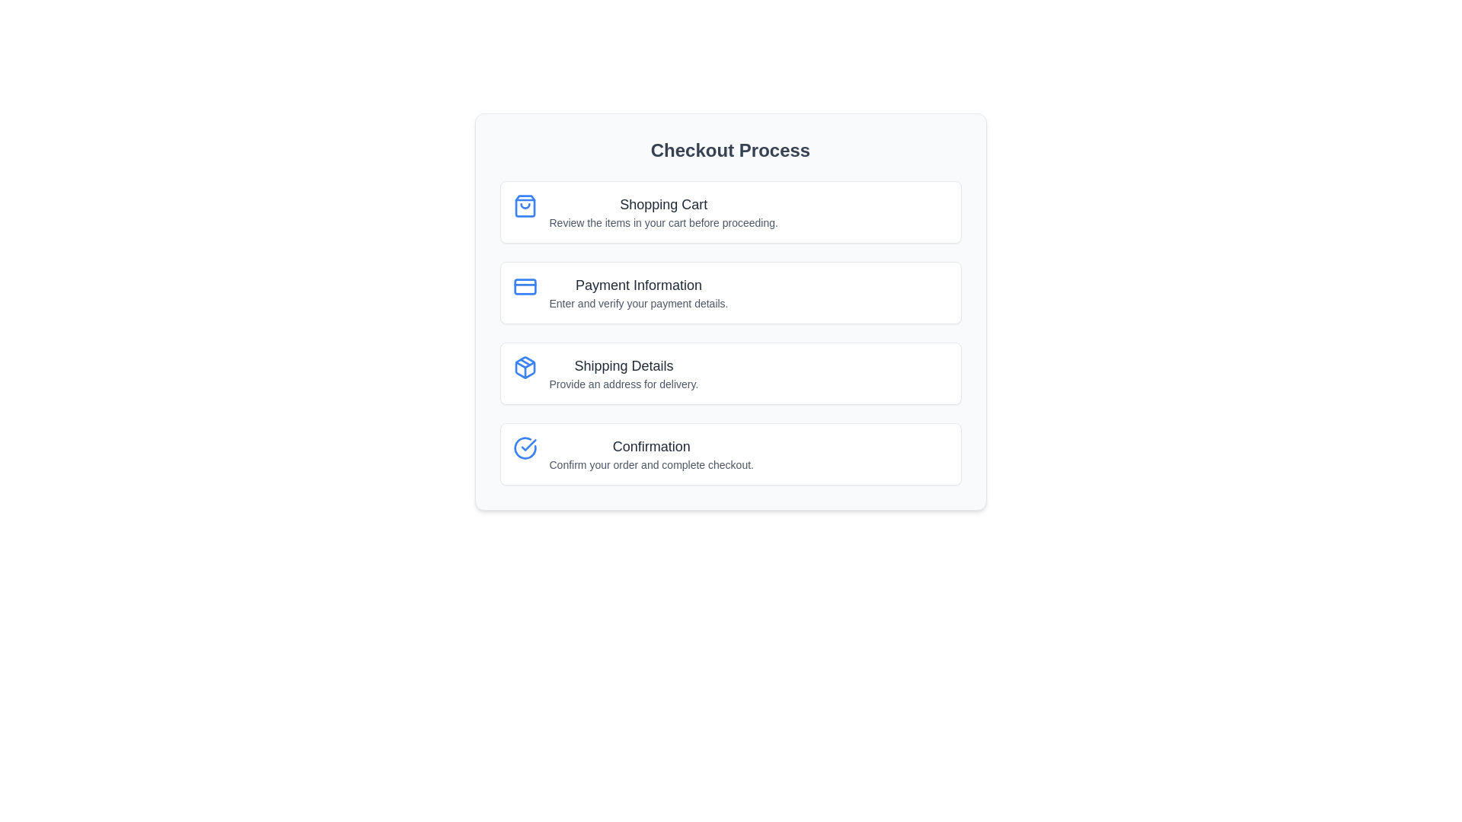  I want to click on the confirmation icon located to the left of the text 'Confirmation' in the fourth item of the 'Checkout Process' list to interact with the associated functionality, so click(525, 448).